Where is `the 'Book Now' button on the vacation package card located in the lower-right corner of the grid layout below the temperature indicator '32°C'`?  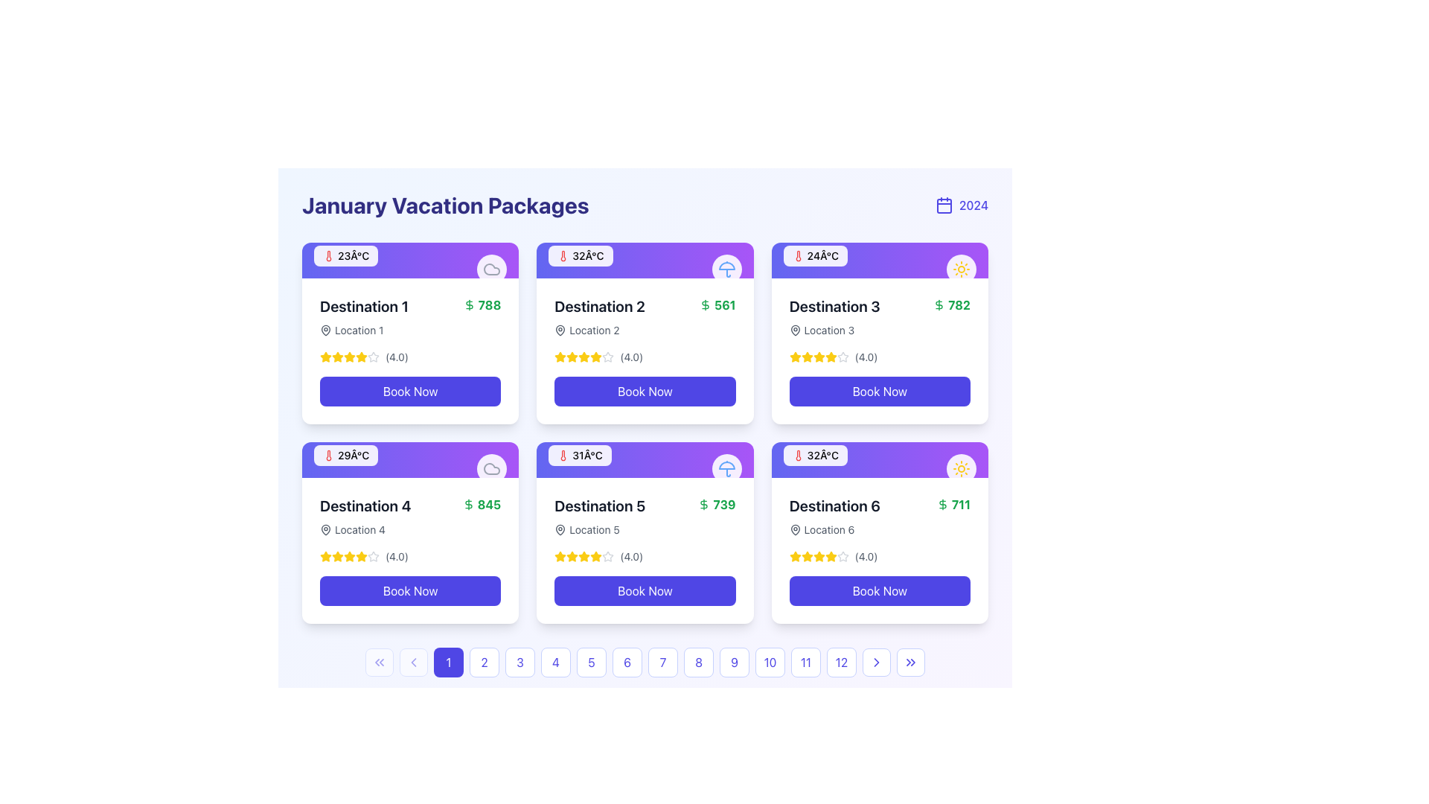
the 'Book Now' button on the vacation package card located in the lower-right corner of the grid layout below the temperature indicator '32°C' is located at coordinates (880, 551).